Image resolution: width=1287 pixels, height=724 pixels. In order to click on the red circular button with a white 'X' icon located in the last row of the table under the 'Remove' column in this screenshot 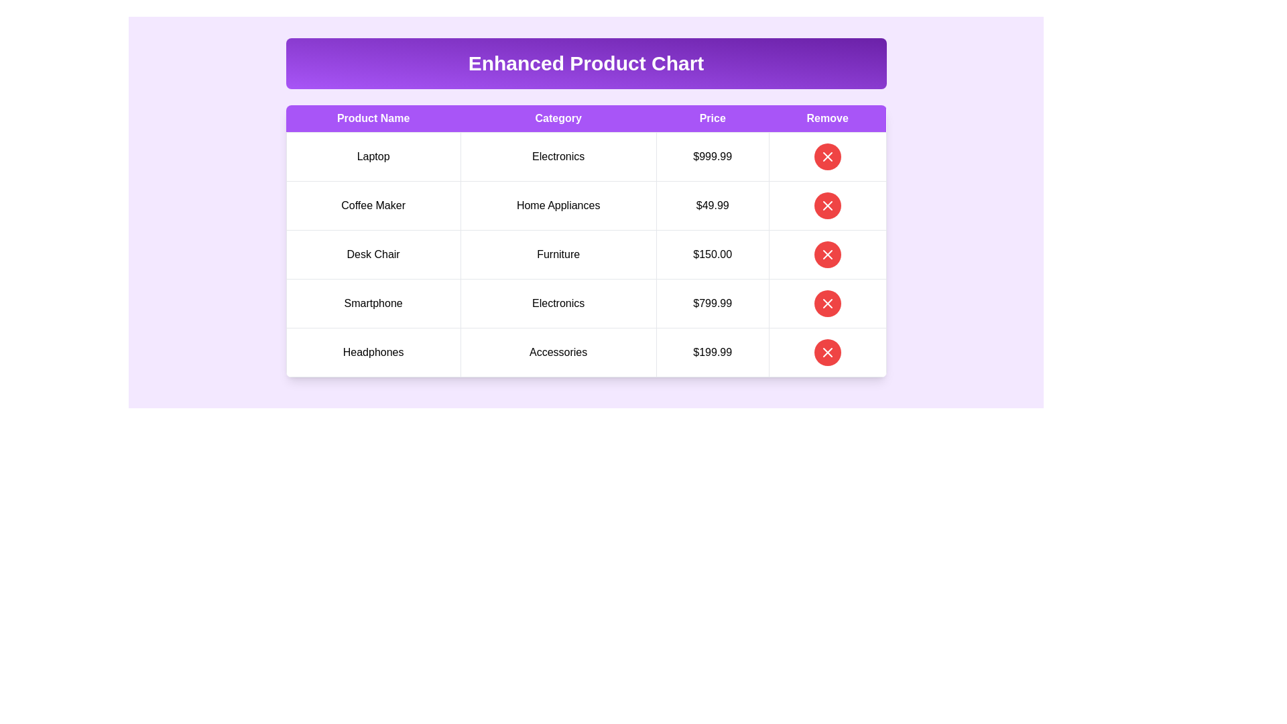, I will do `click(826, 351)`.